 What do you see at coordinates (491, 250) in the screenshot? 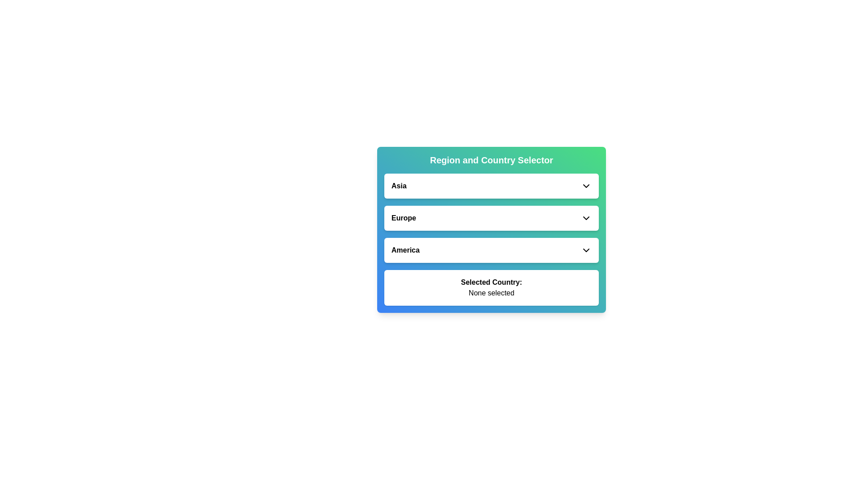
I see `the dropdown item labeled 'America'` at bounding box center [491, 250].